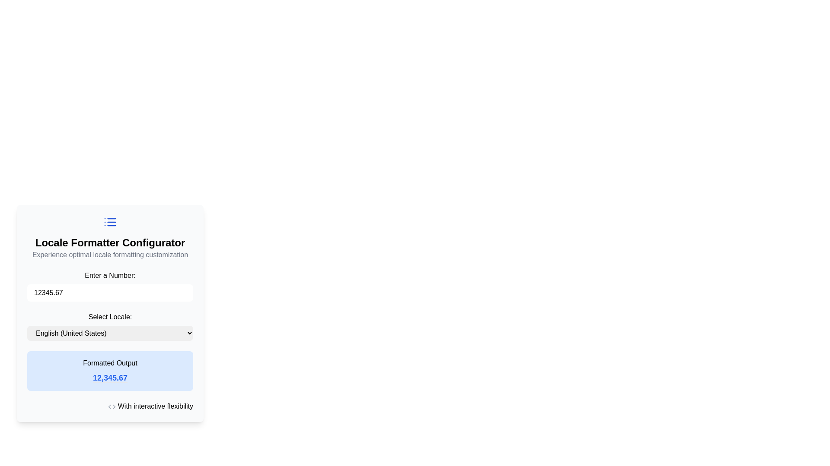 The height and width of the screenshot is (466, 830). Describe the element at coordinates (109, 276) in the screenshot. I see `text from the label positioned above the number input field displaying '12345.67'` at that location.